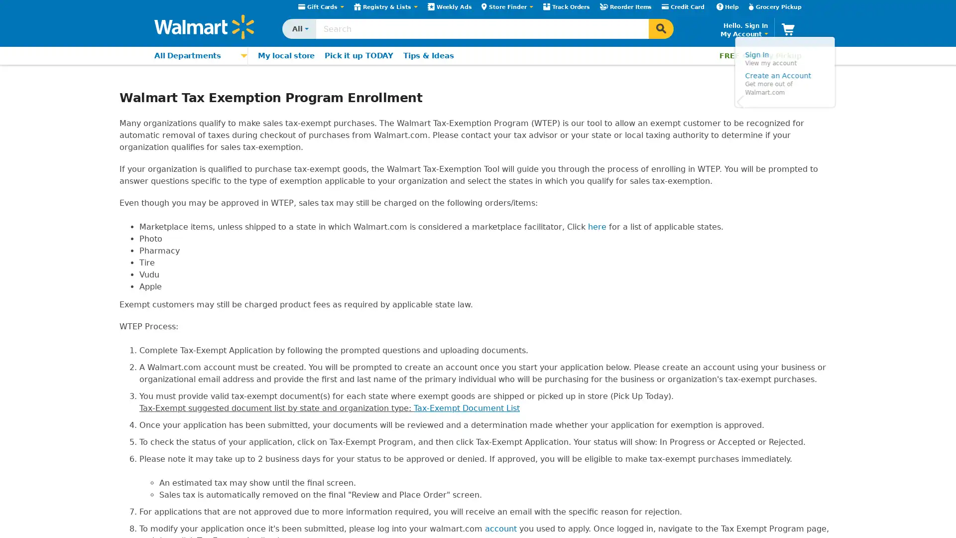  What do you see at coordinates (193, 282) in the screenshot?
I see `Arts, Craft, Sewing & Party Supplies` at bounding box center [193, 282].